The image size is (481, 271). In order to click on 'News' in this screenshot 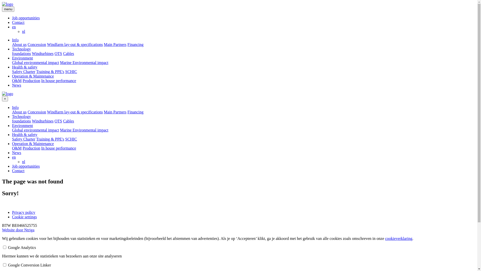, I will do `click(17, 152)`.